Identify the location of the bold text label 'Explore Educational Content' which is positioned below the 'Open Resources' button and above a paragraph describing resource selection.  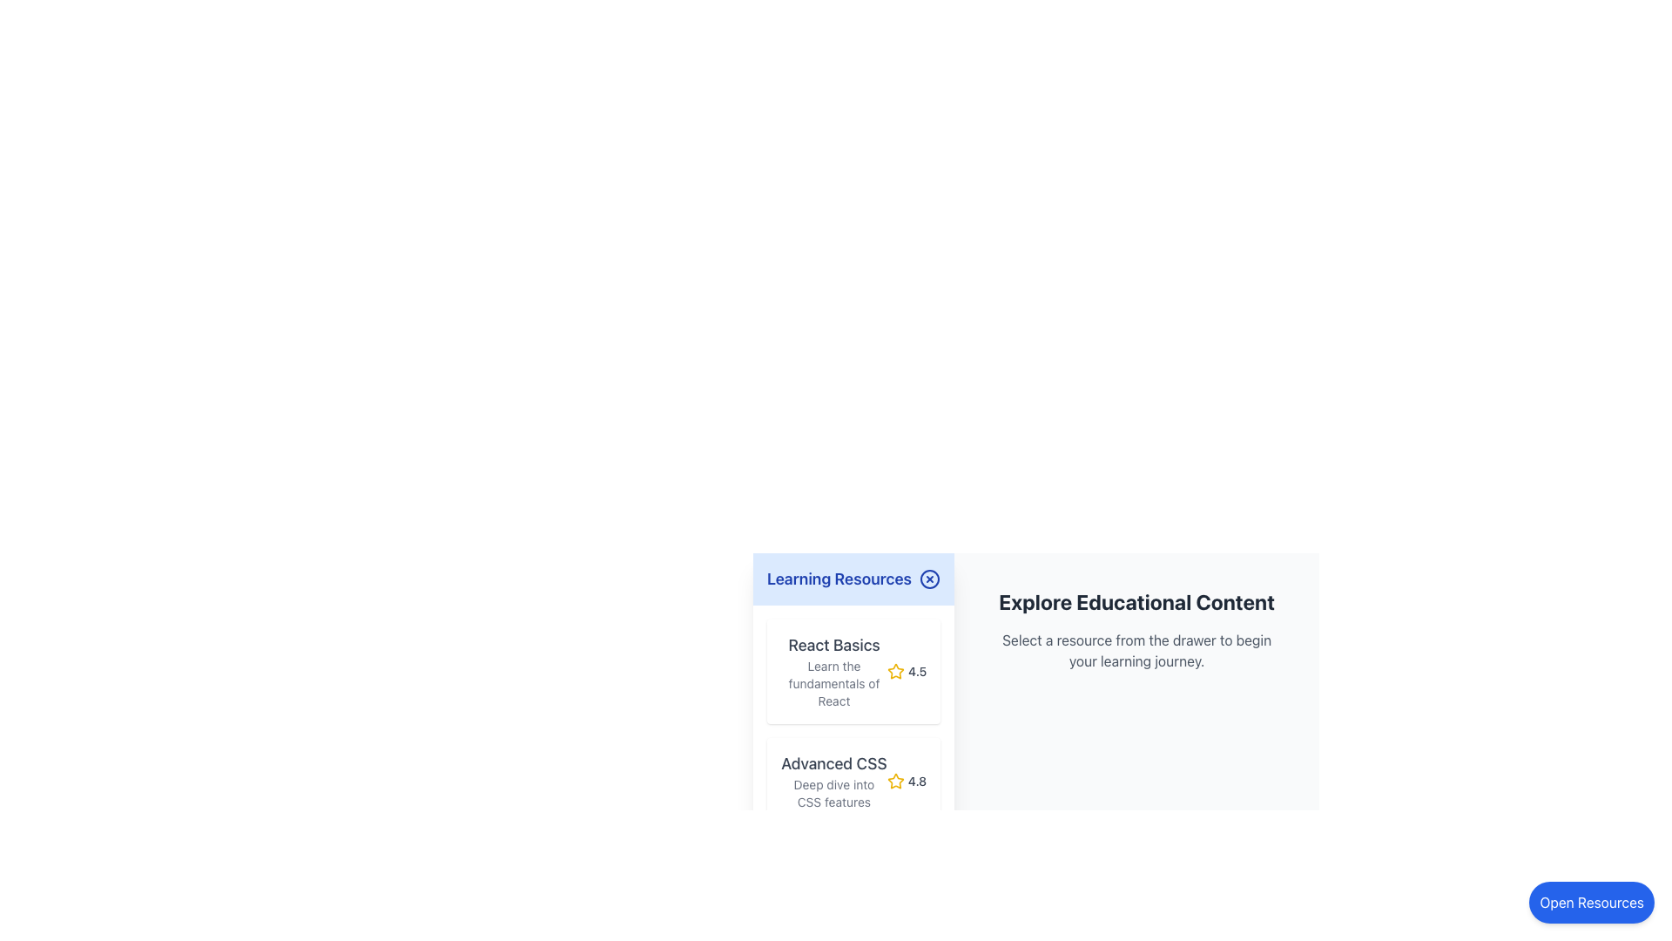
(1136, 600).